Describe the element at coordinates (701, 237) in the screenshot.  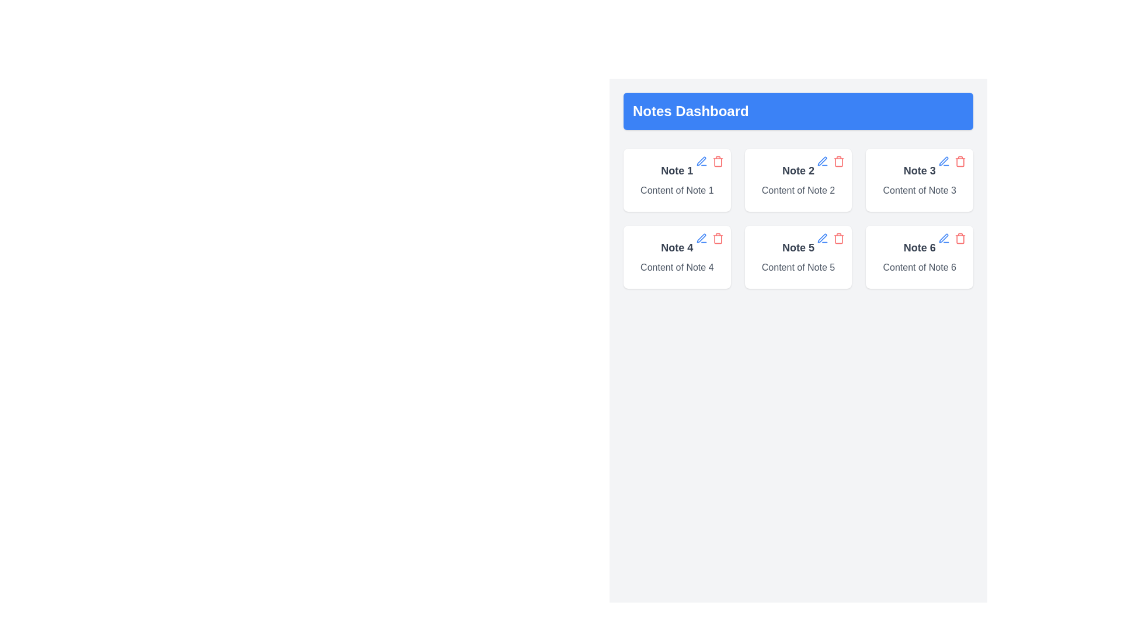
I see `the pen icon button located in the top-right corner of the 'Note 4' card to trigger its animation or style change` at that location.